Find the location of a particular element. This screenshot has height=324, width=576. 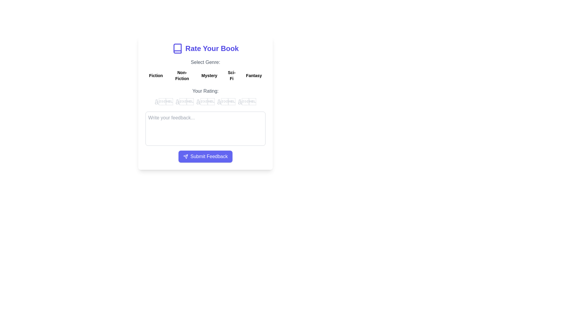

the label displaying 'Select Genre:' which is positioned centrally at the top of the UI section is located at coordinates (205, 62).